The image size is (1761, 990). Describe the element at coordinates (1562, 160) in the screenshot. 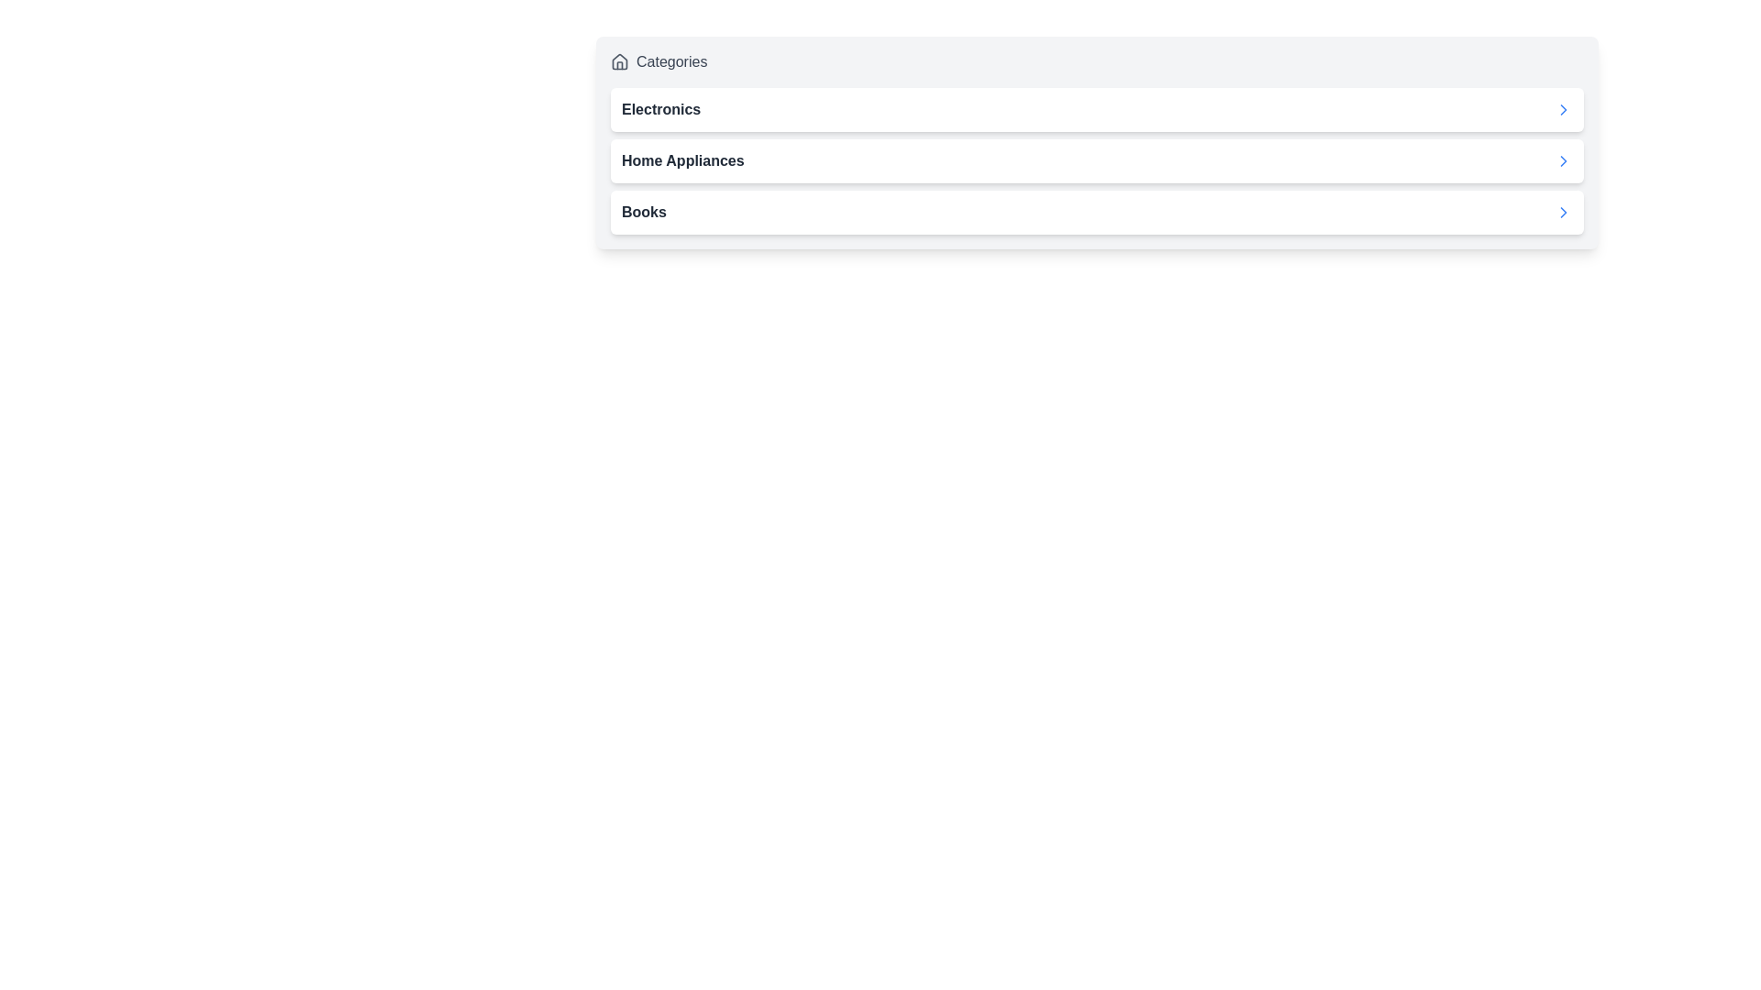

I see `the chevron icon in the third row of the selectable list on the far-right edge` at that location.